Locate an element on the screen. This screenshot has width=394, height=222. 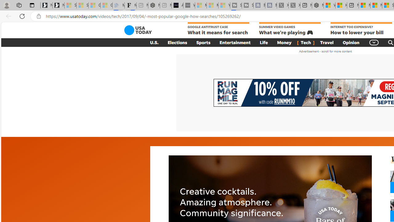
'Life' is located at coordinates (264, 42).